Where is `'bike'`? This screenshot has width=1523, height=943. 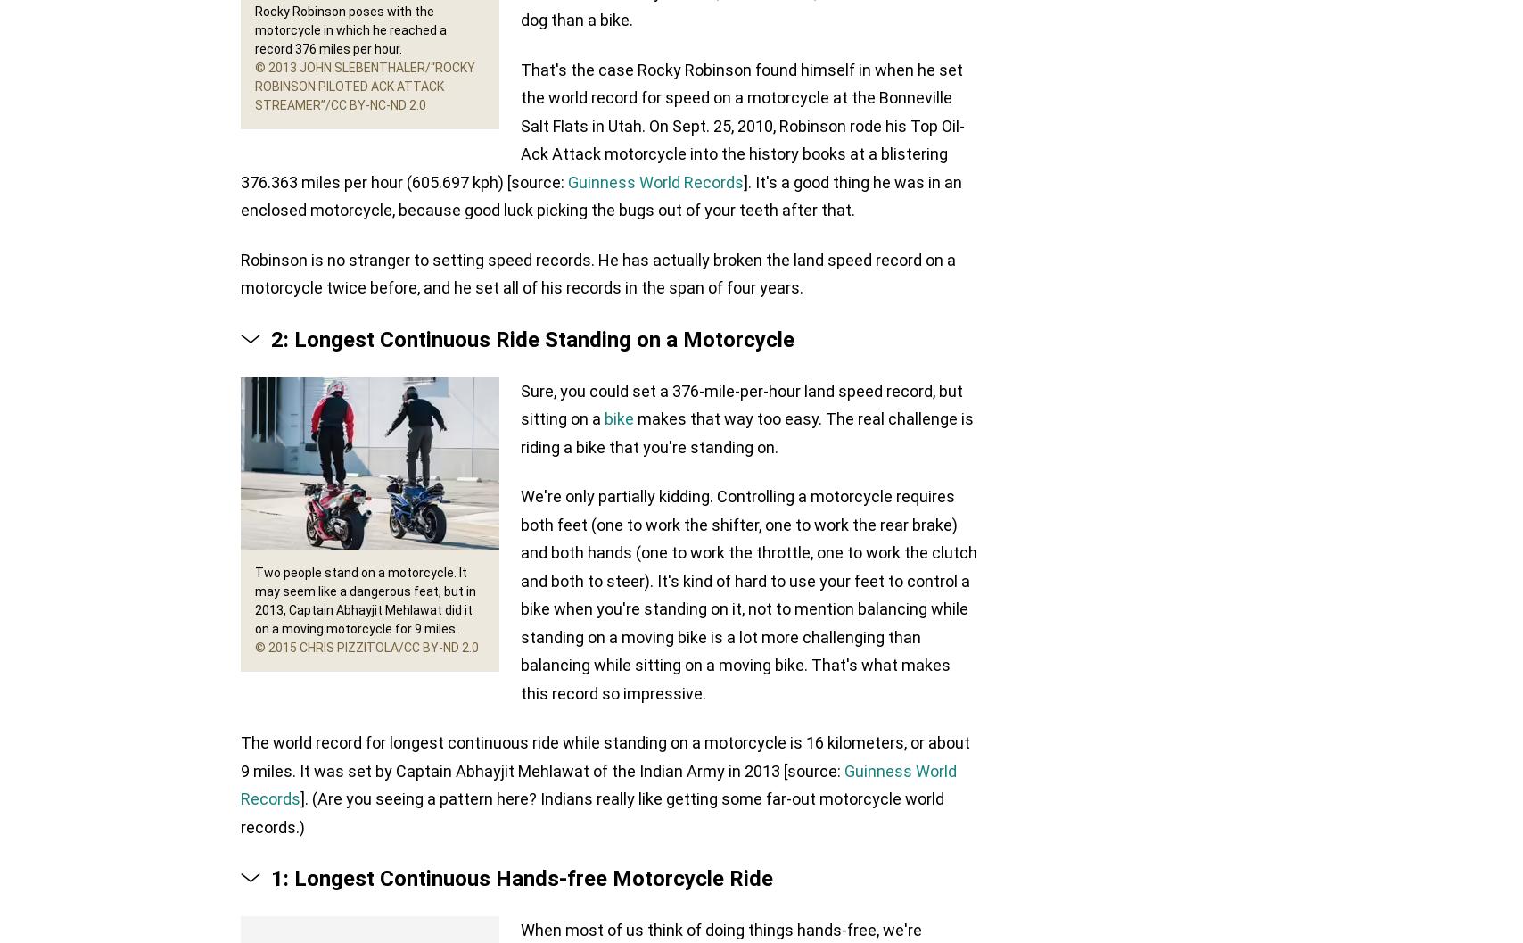
'bike' is located at coordinates (619, 418).